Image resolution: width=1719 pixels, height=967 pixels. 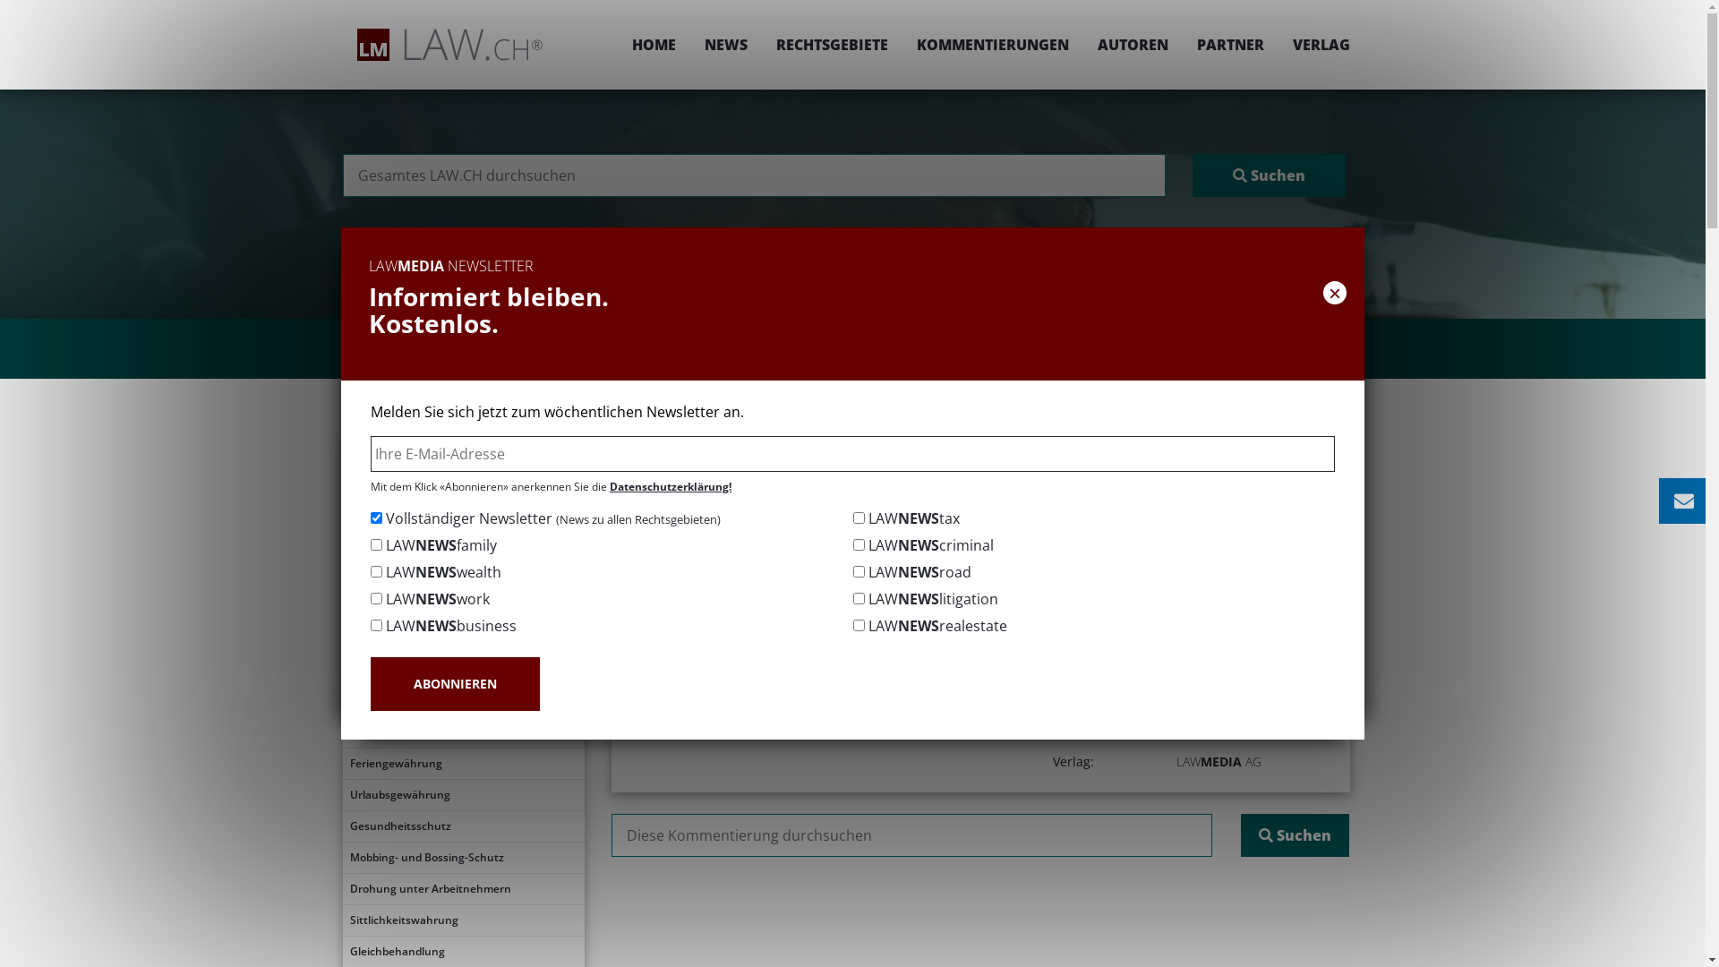 What do you see at coordinates (455, 683) in the screenshot?
I see `'ABONNIEREN'` at bounding box center [455, 683].